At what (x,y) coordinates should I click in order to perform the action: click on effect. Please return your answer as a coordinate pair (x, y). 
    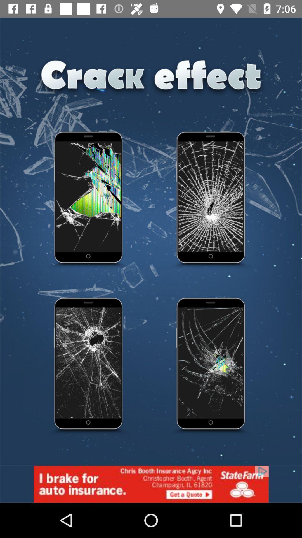
    Looking at the image, I should click on (88, 200).